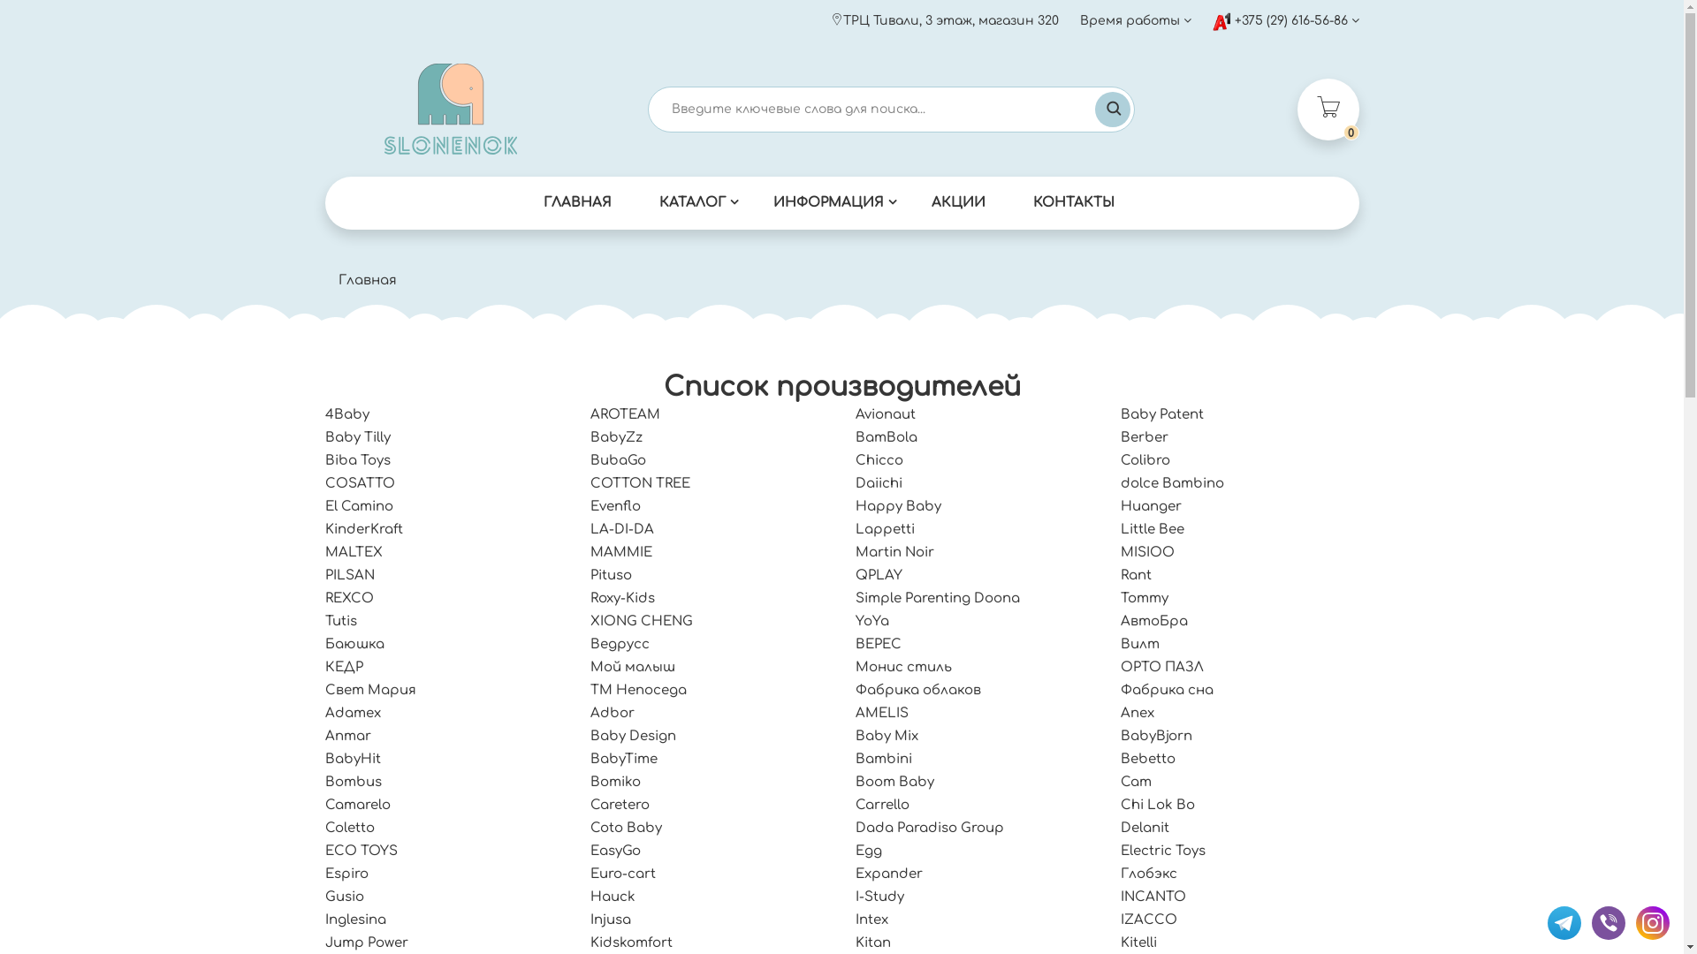  What do you see at coordinates (1145, 828) in the screenshot?
I see `'Delanit'` at bounding box center [1145, 828].